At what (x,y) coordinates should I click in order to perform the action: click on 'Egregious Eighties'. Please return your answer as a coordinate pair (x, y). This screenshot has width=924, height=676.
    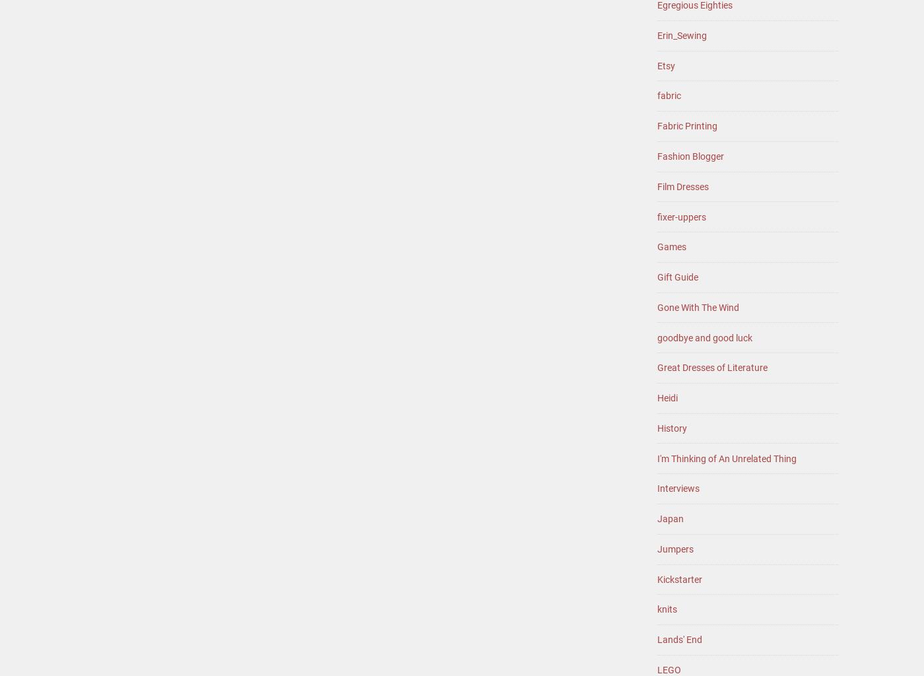
    Looking at the image, I should click on (694, 5).